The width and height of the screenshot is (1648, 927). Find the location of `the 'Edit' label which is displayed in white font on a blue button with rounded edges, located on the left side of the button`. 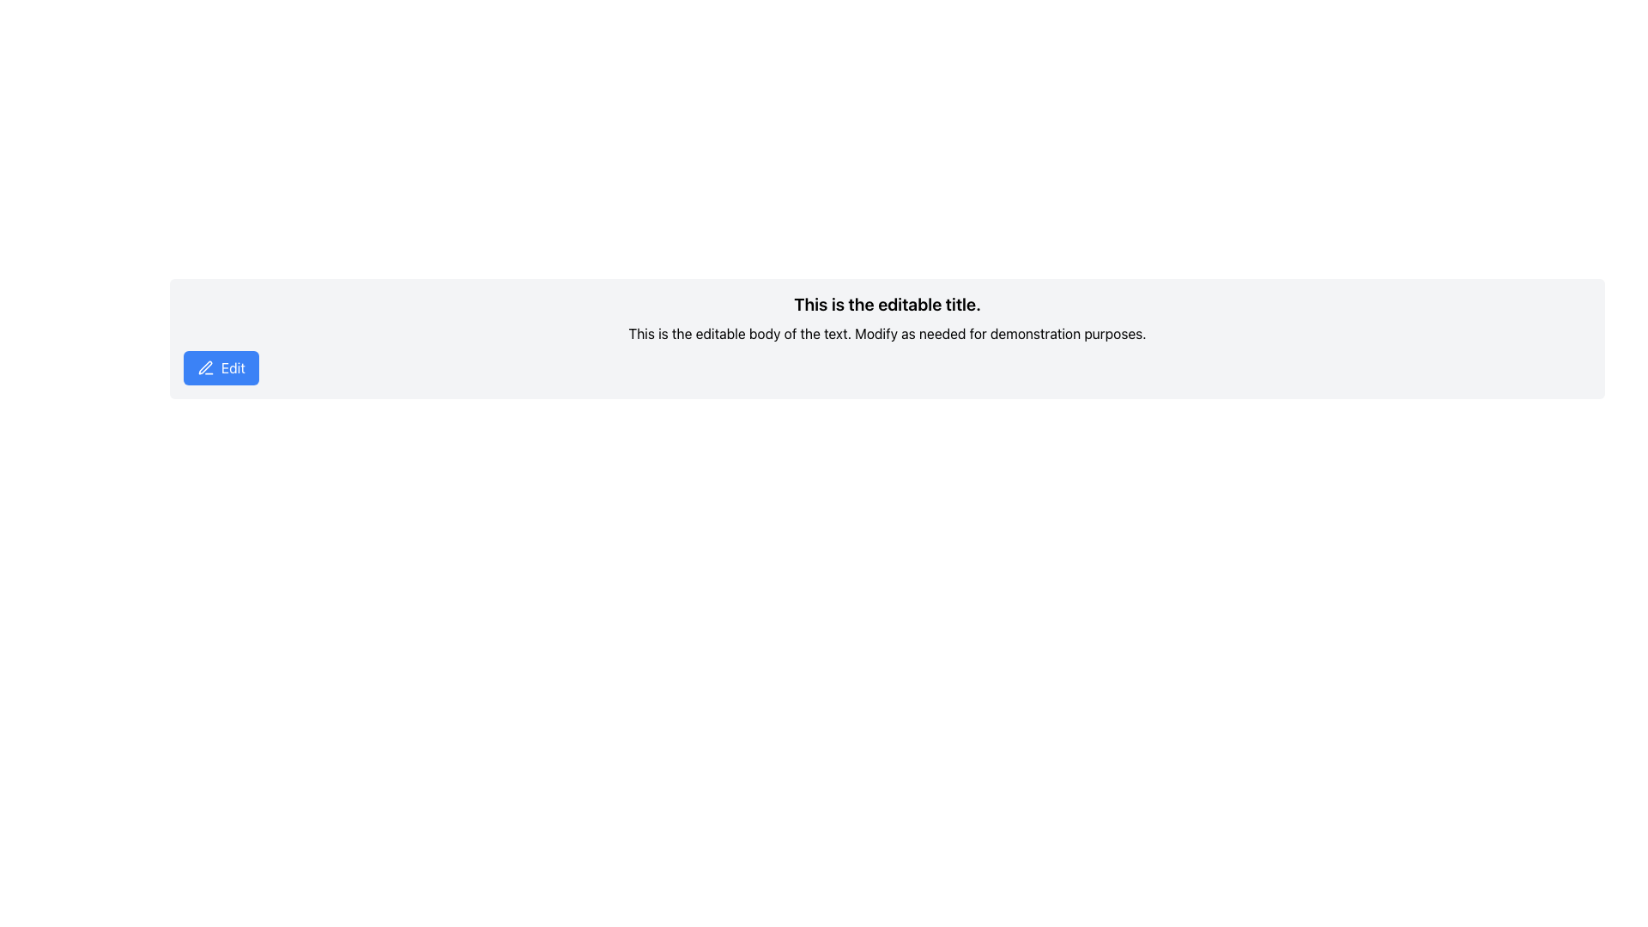

the 'Edit' label which is displayed in white font on a blue button with rounded edges, located on the left side of the button is located at coordinates (232, 367).